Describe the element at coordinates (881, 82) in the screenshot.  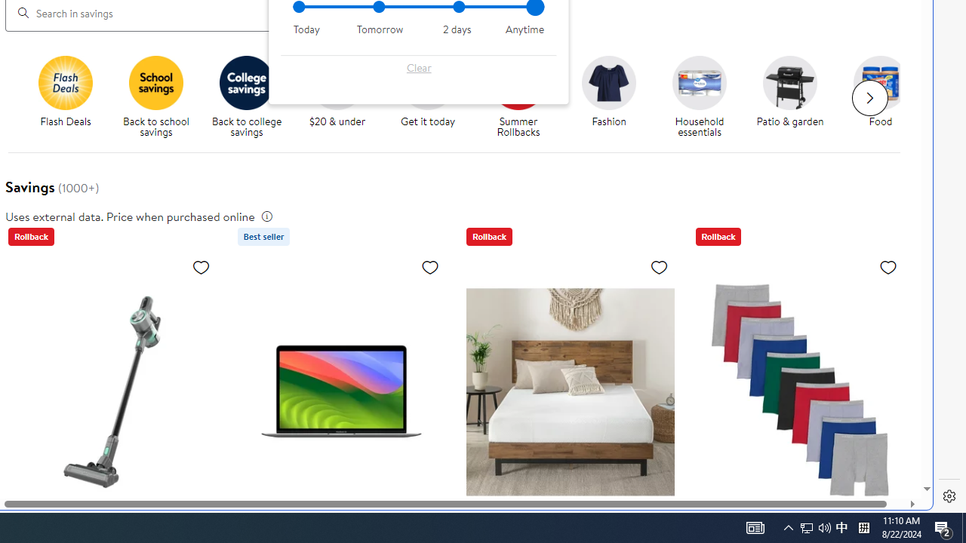
I see `'Food'` at that location.